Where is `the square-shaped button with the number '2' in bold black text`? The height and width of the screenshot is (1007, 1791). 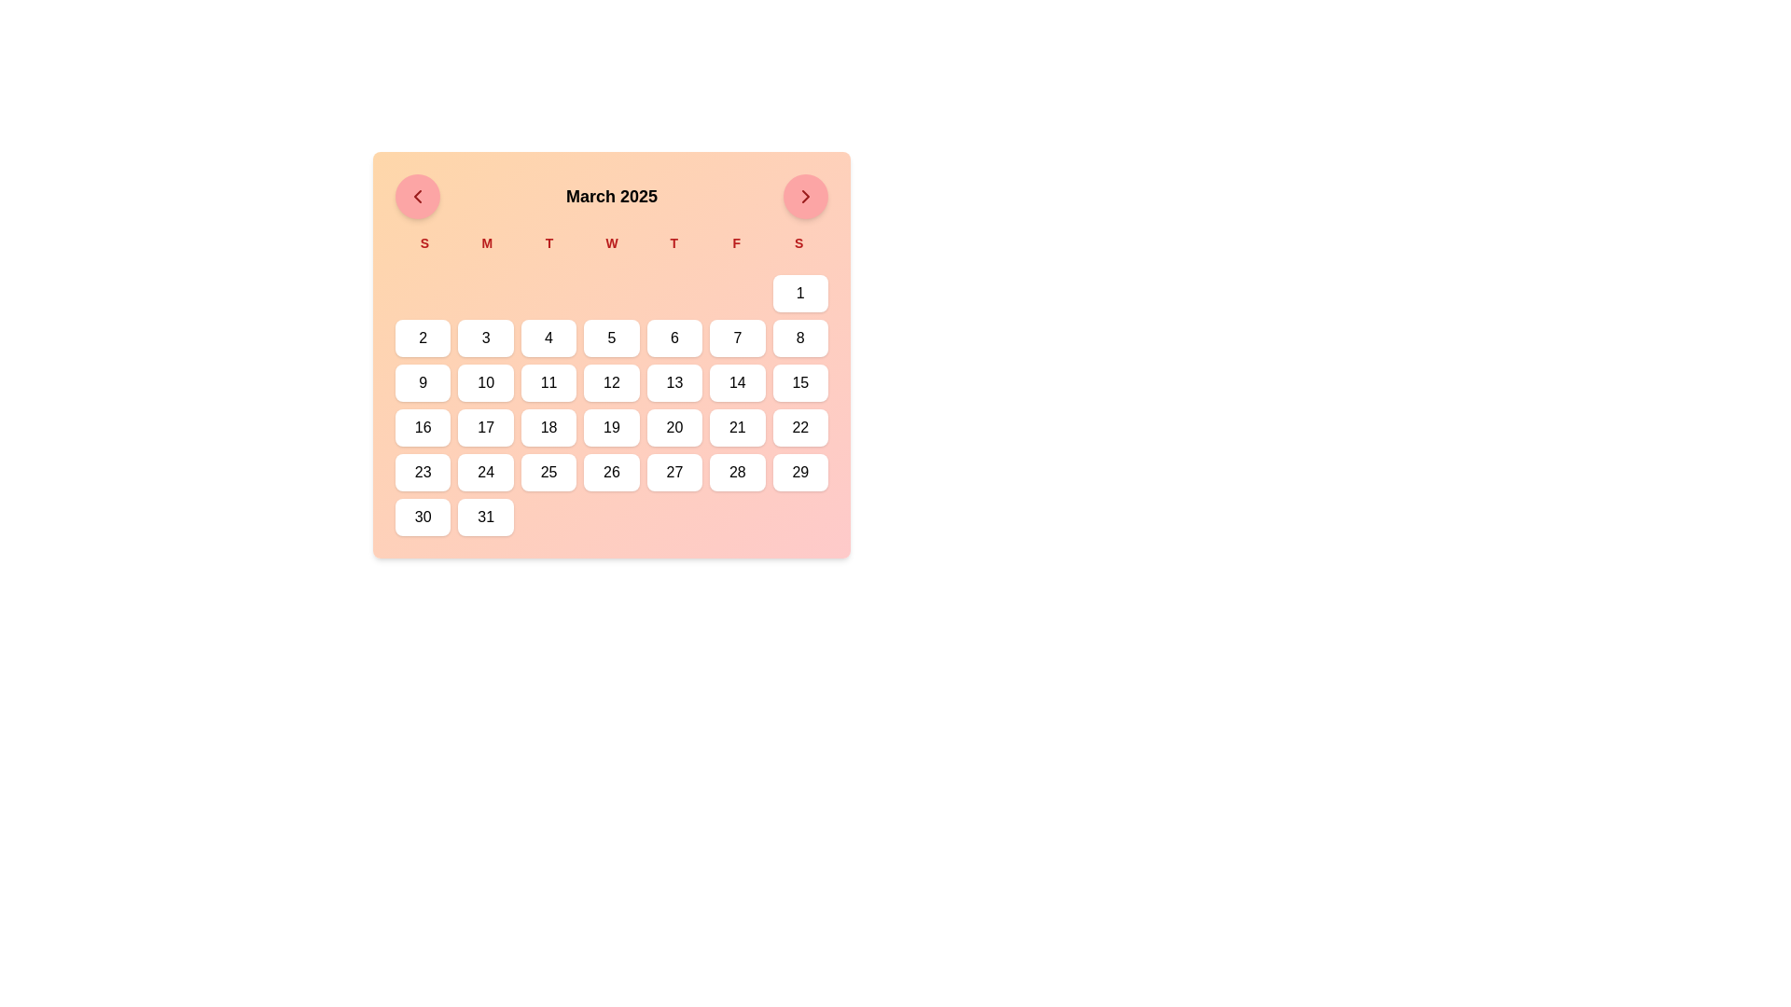
the square-shaped button with the number '2' in bold black text is located at coordinates (422, 338).